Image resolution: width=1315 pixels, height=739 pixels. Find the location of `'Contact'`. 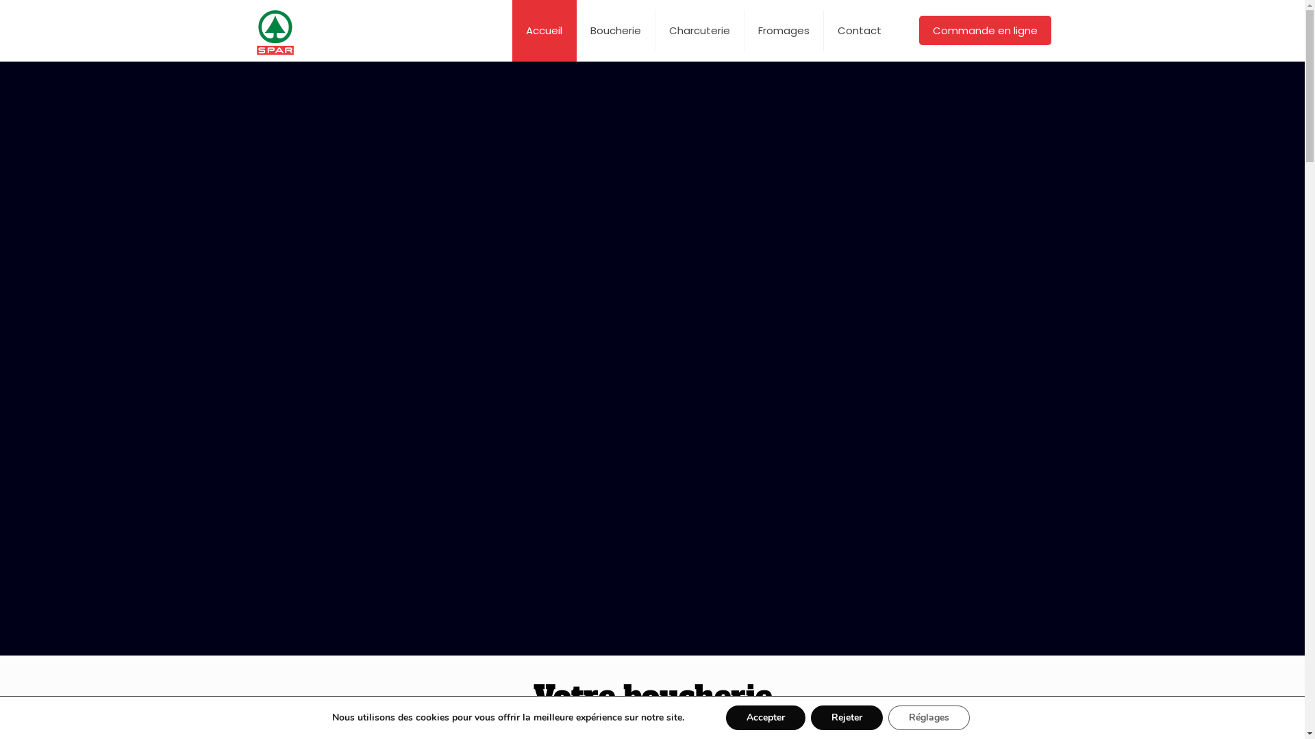

'Contact' is located at coordinates (858, 31).